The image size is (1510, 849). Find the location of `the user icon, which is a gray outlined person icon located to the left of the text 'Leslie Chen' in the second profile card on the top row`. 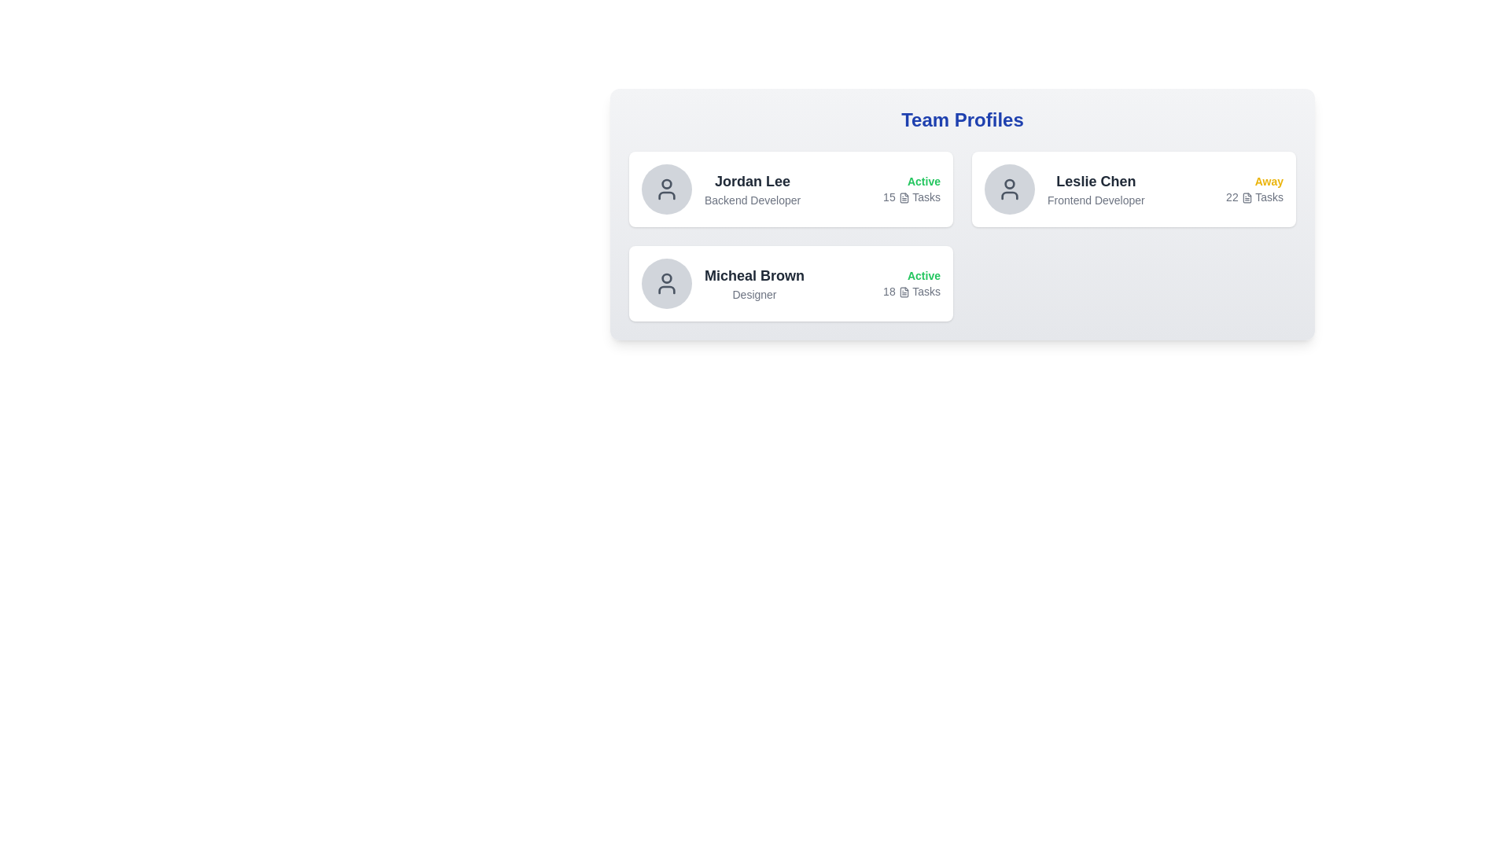

the user icon, which is a gray outlined person icon located to the left of the text 'Leslie Chen' in the second profile card on the top row is located at coordinates (667, 188).